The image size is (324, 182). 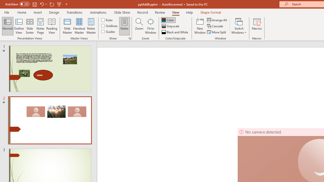 I want to click on 'New Window', so click(x=200, y=26).